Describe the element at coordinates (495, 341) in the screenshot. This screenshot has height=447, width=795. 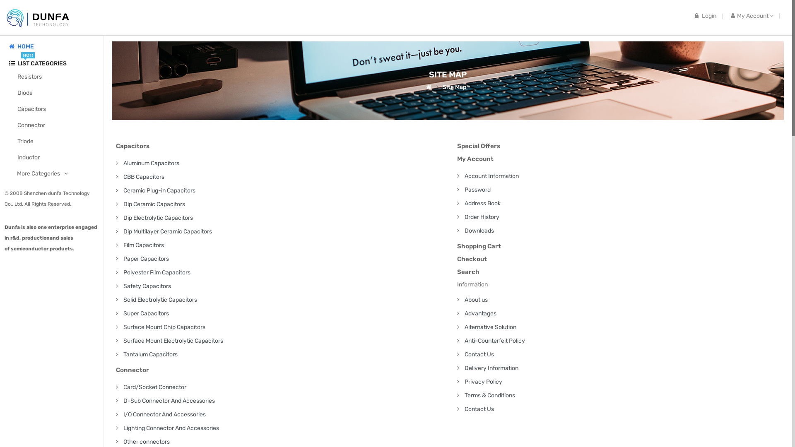
I see `'Anti-Counterfeit Policy'` at that location.